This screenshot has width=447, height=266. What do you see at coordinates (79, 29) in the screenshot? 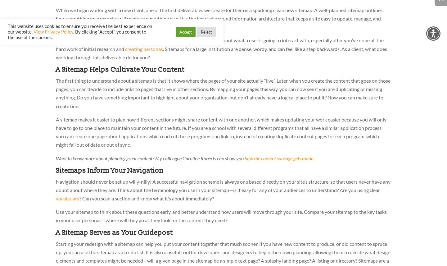
I see `'This website uses cookies to ensure you receive the best experience on our website.'` at bounding box center [79, 29].